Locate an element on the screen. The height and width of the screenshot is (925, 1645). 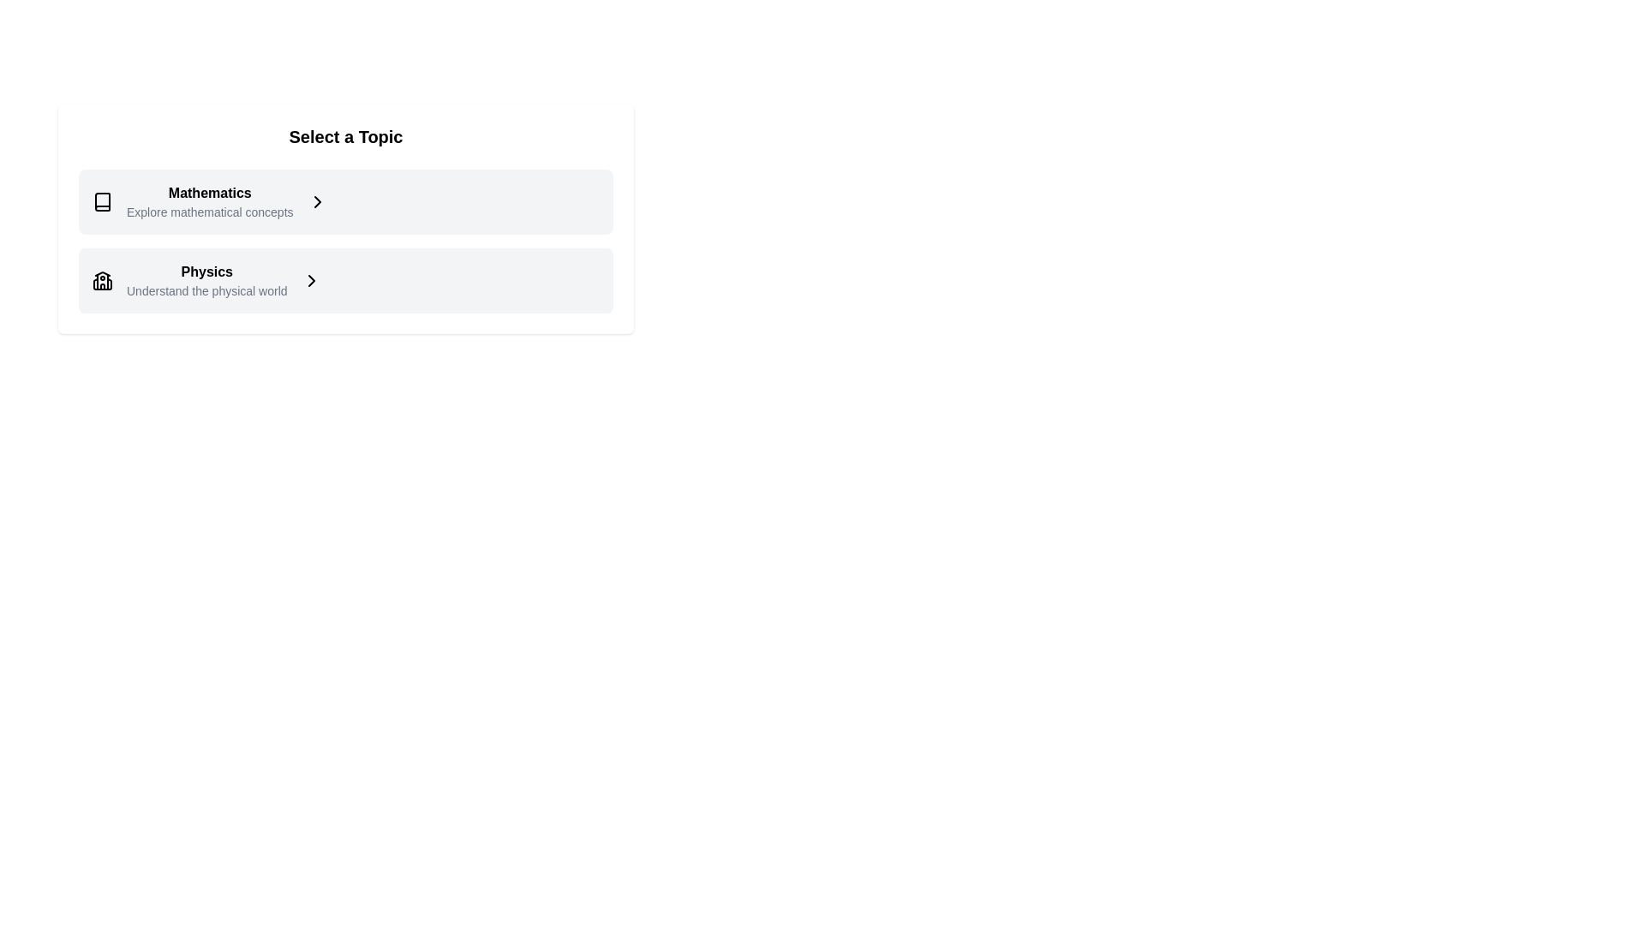
the building or school icon located to the left of the 'Physics' label text in the 'Select a Topic' section is located at coordinates (102, 279).